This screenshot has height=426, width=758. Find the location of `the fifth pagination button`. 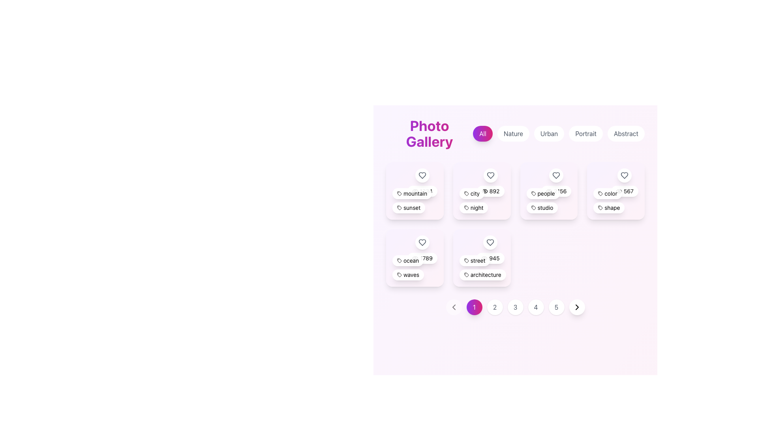

the fifth pagination button is located at coordinates (556, 306).